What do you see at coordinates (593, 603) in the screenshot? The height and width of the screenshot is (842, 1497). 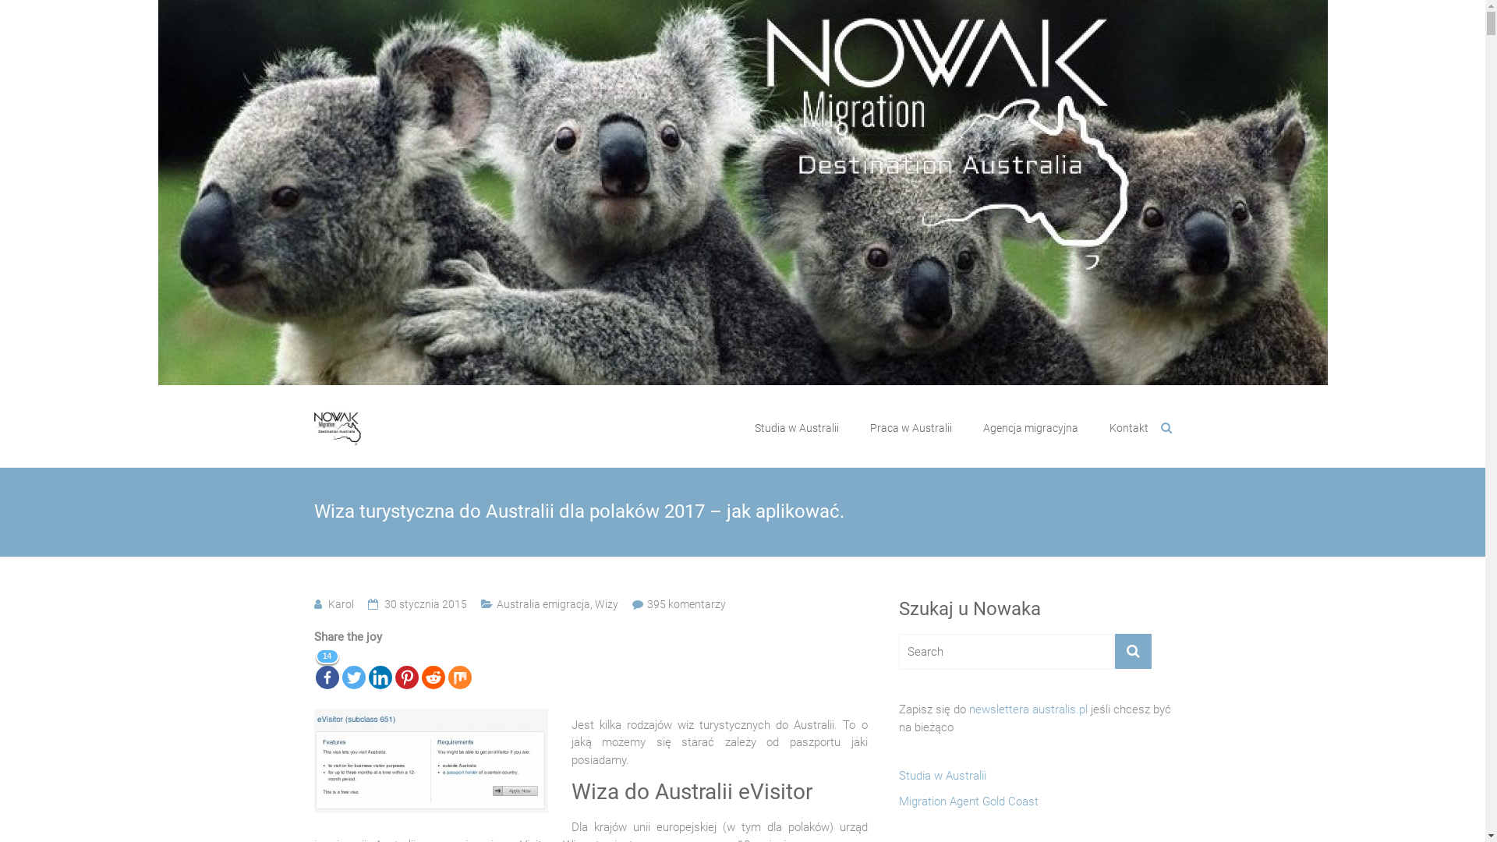 I see `'Wizy'` at bounding box center [593, 603].